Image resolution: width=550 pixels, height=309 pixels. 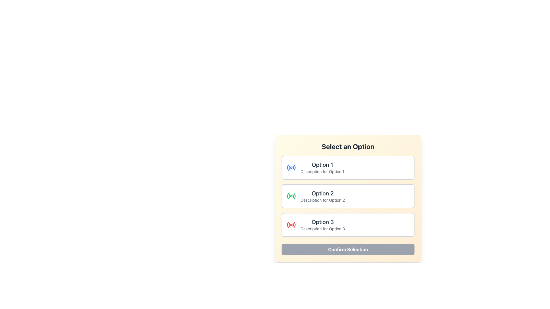 I want to click on the text label reading 'Description for Option 3', which is located directly under the 'Option 3' heading in the third section of a group of options, so click(x=323, y=228).